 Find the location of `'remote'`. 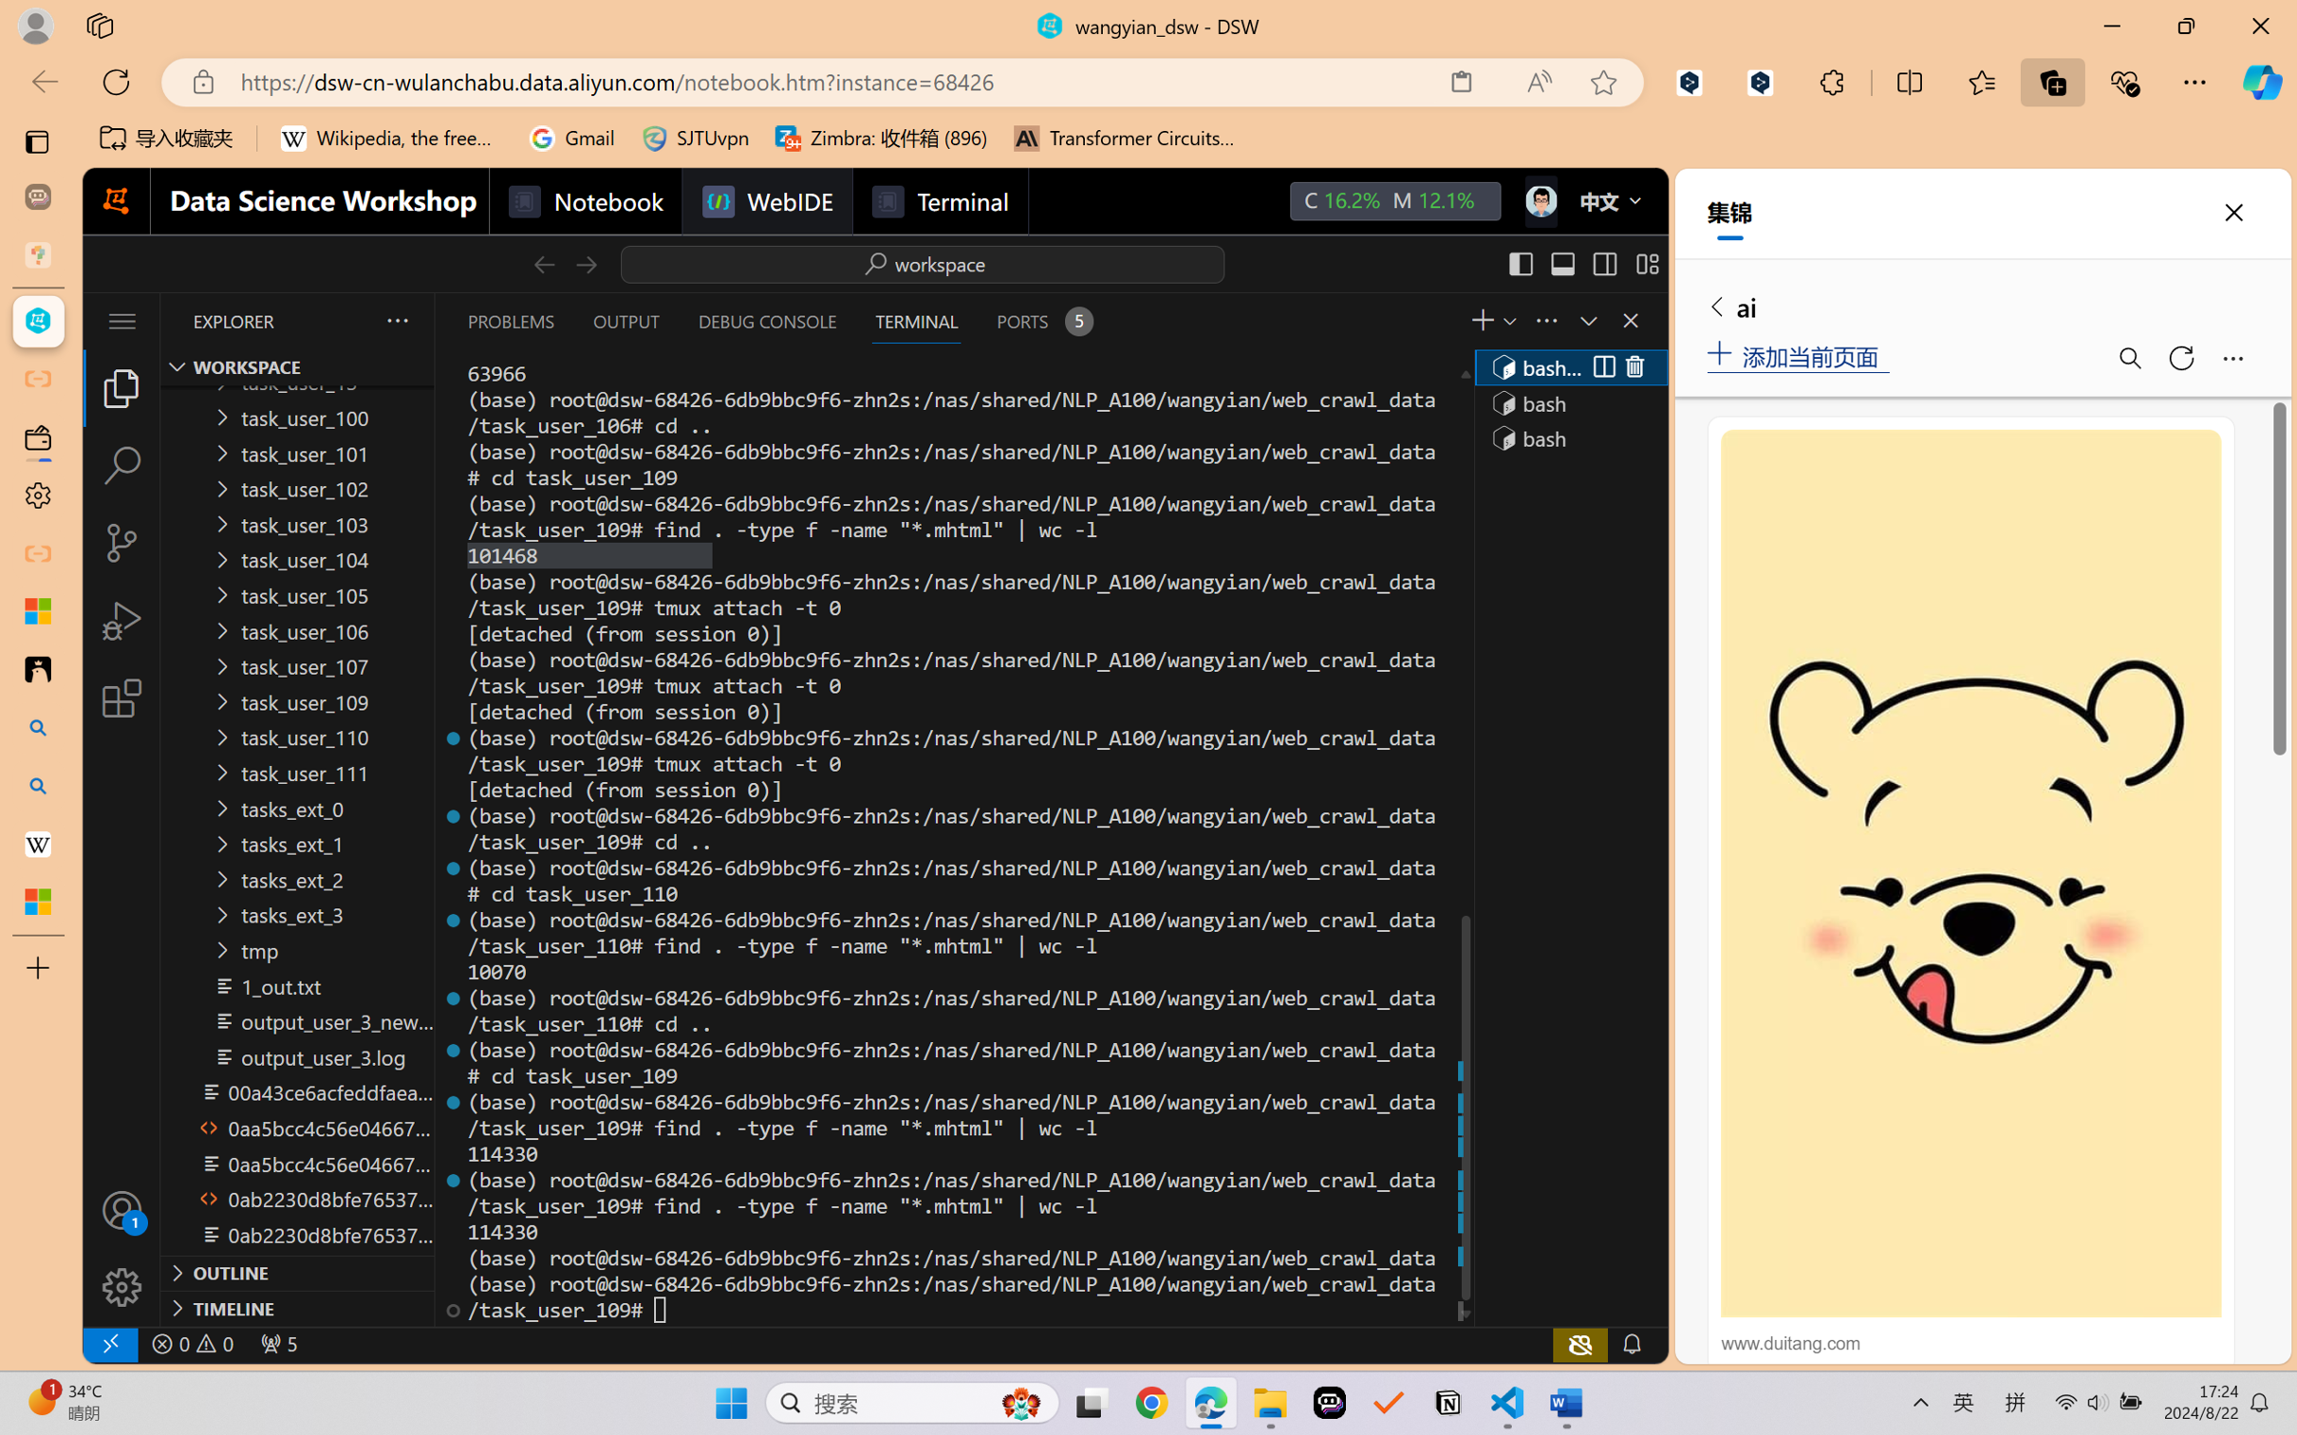

'remote' is located at coordinates (108, 1343).